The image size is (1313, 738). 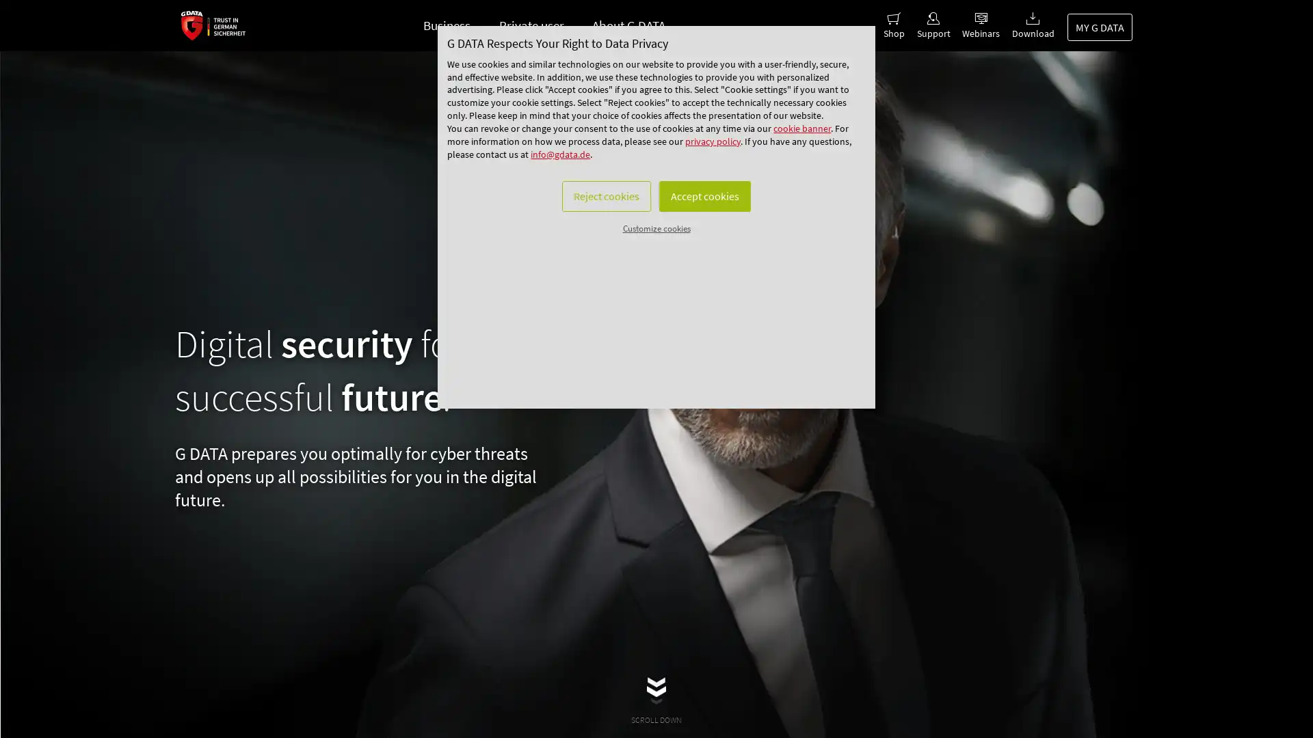 What do you see at coordinates (594, 271) in the screenshot?
I see `Reject cookies` at bounding box center [594, 271].